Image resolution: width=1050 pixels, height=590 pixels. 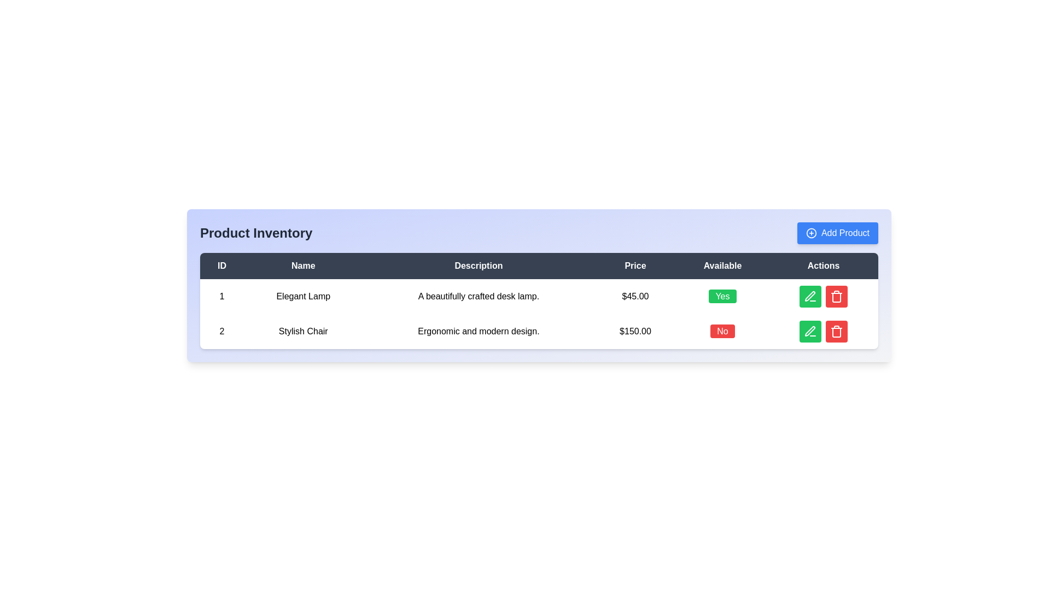 I want to click on the text label displaying 'Elegant Lamp' in the 'Name' column of the product table, located in the first row, second column, so click(x=303, y=297).